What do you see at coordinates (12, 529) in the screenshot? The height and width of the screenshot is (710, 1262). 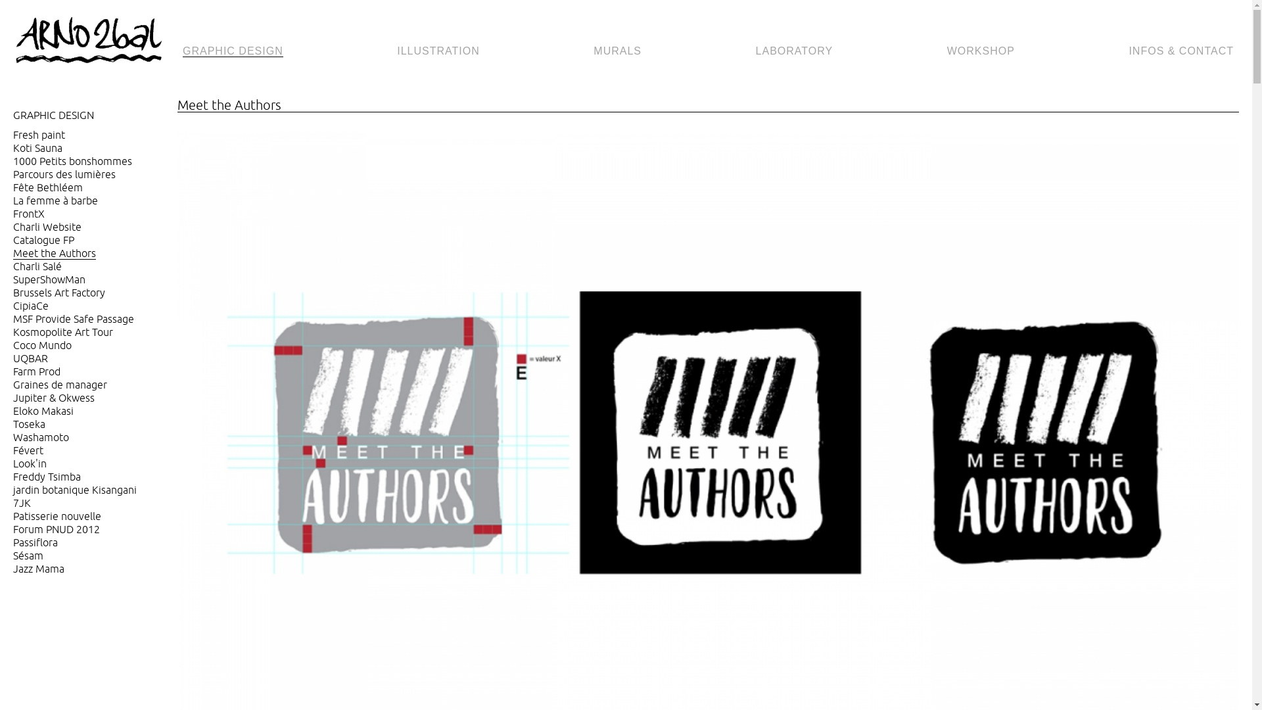 I see `'Forum PNUD 2012'` at bounding box center [12, 529].